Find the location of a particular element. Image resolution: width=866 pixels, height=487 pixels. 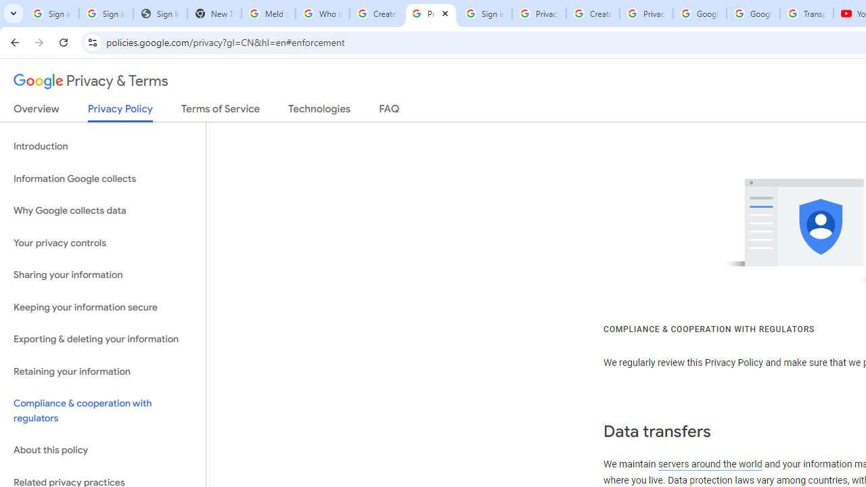

'Sharing your information' is located at coordinates (102, 275).